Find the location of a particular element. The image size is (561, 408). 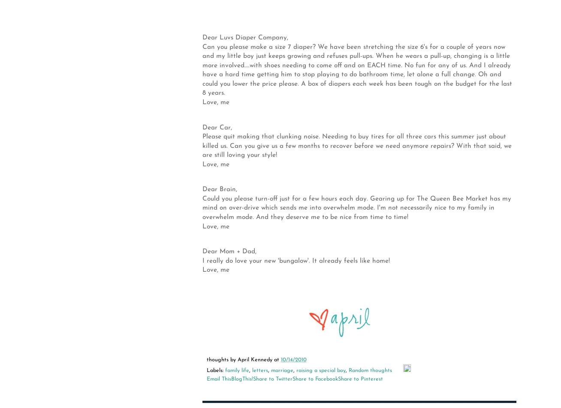

'letters' is located at coordinates (259, 370).